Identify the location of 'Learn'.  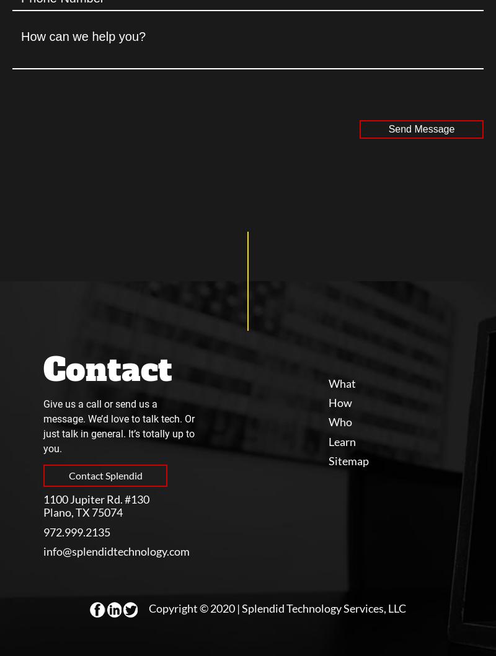
(328, 440).